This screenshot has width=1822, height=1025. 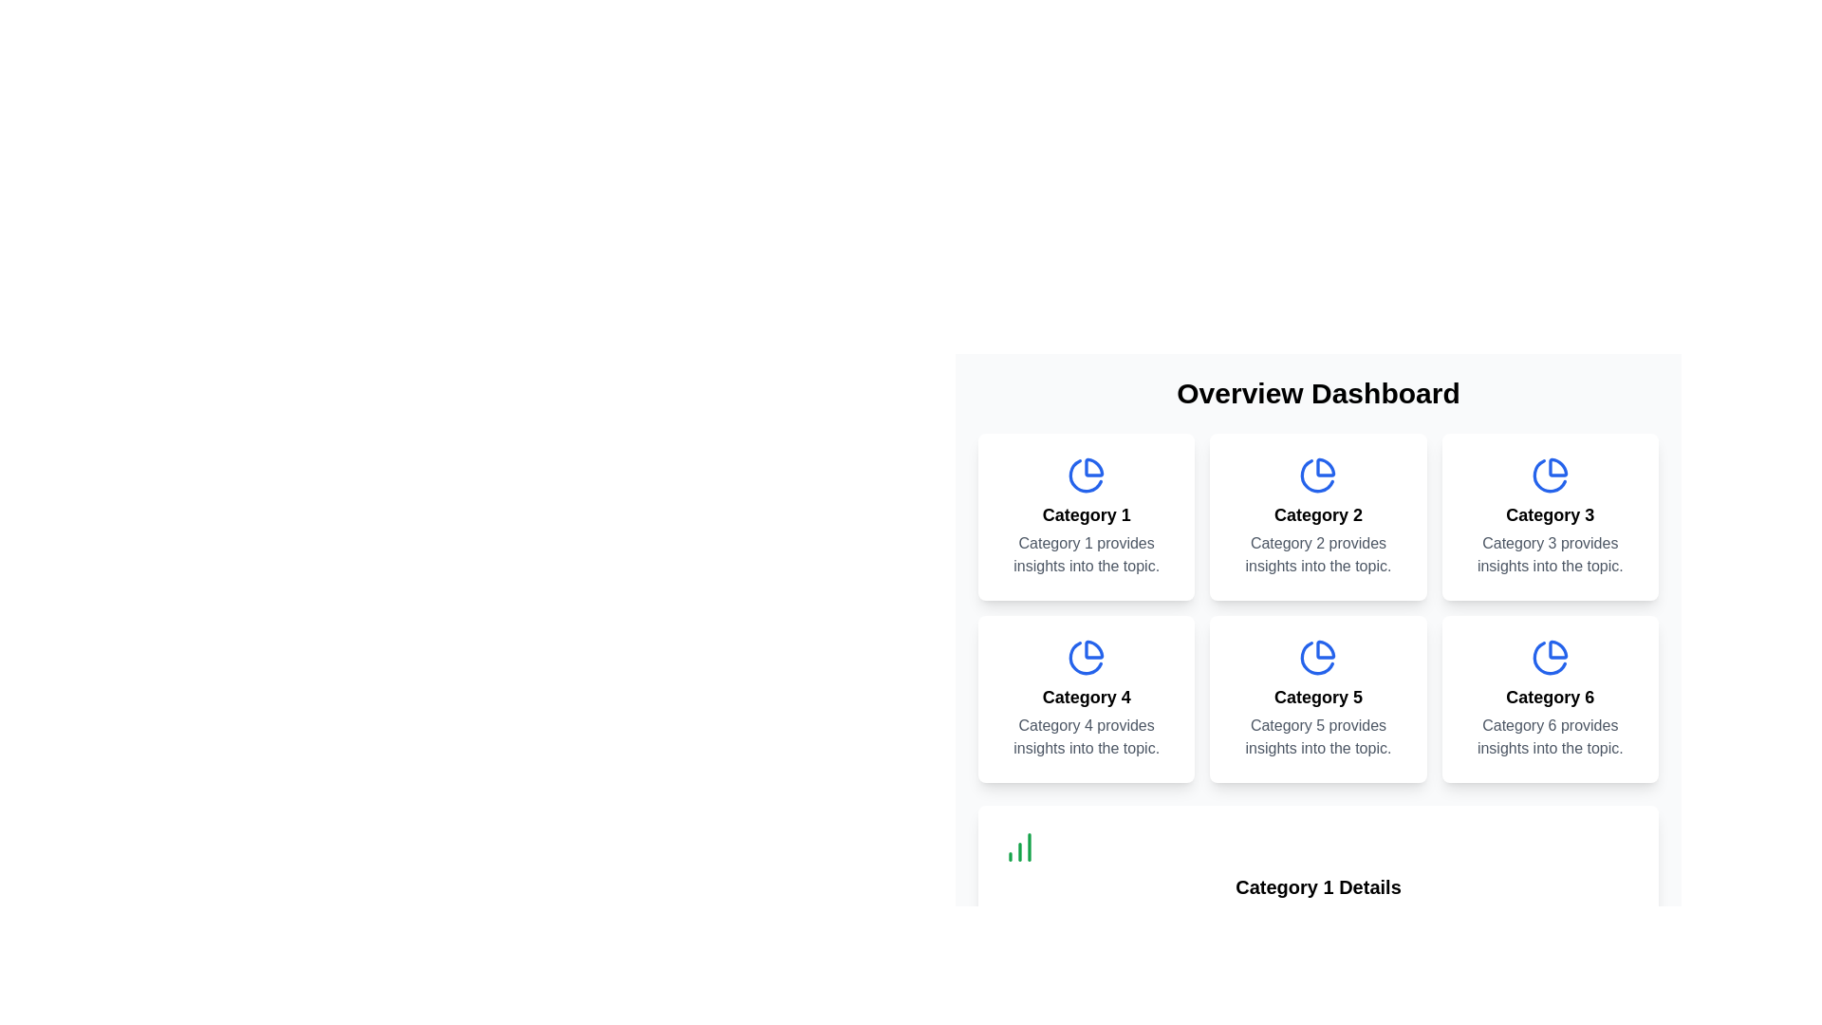 What do you see at coordinates (1087, 736) in the screenshot?
I see `the static informational text located below 'Category 4' in the second column of the second row within the grid of categories` at bounding box center [1087, 736].